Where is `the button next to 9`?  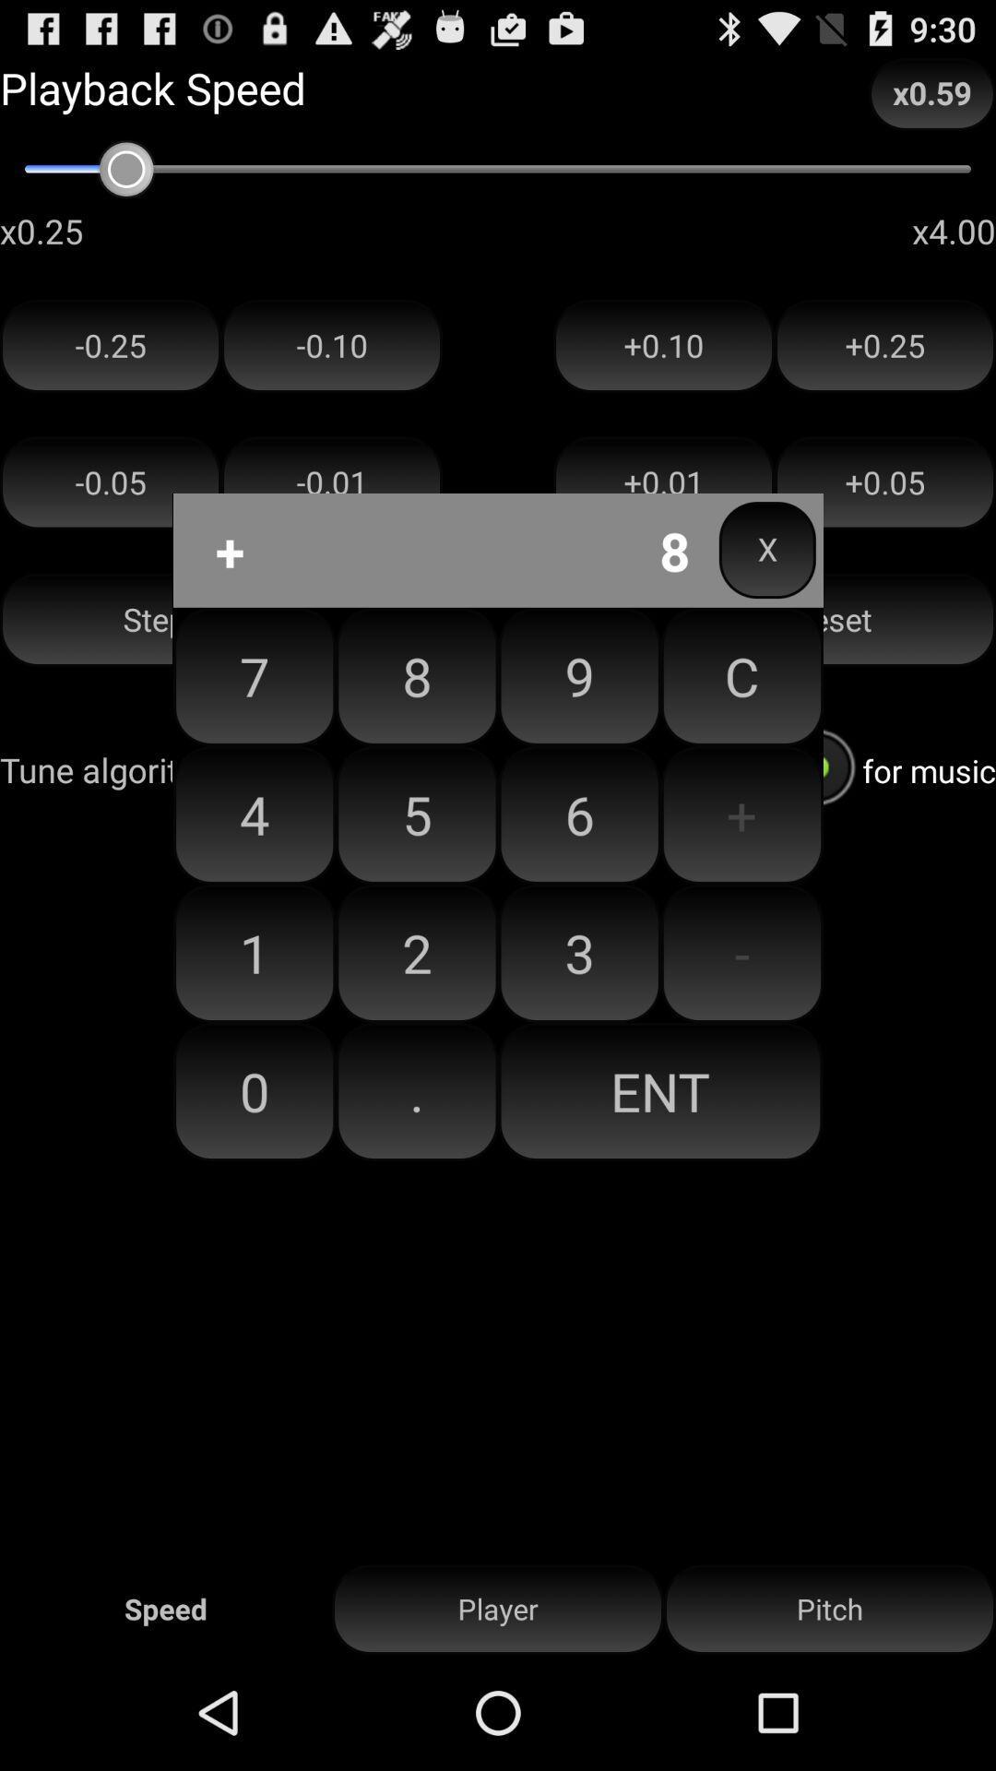 the button next to 9 is located at coordinates (416, 814).